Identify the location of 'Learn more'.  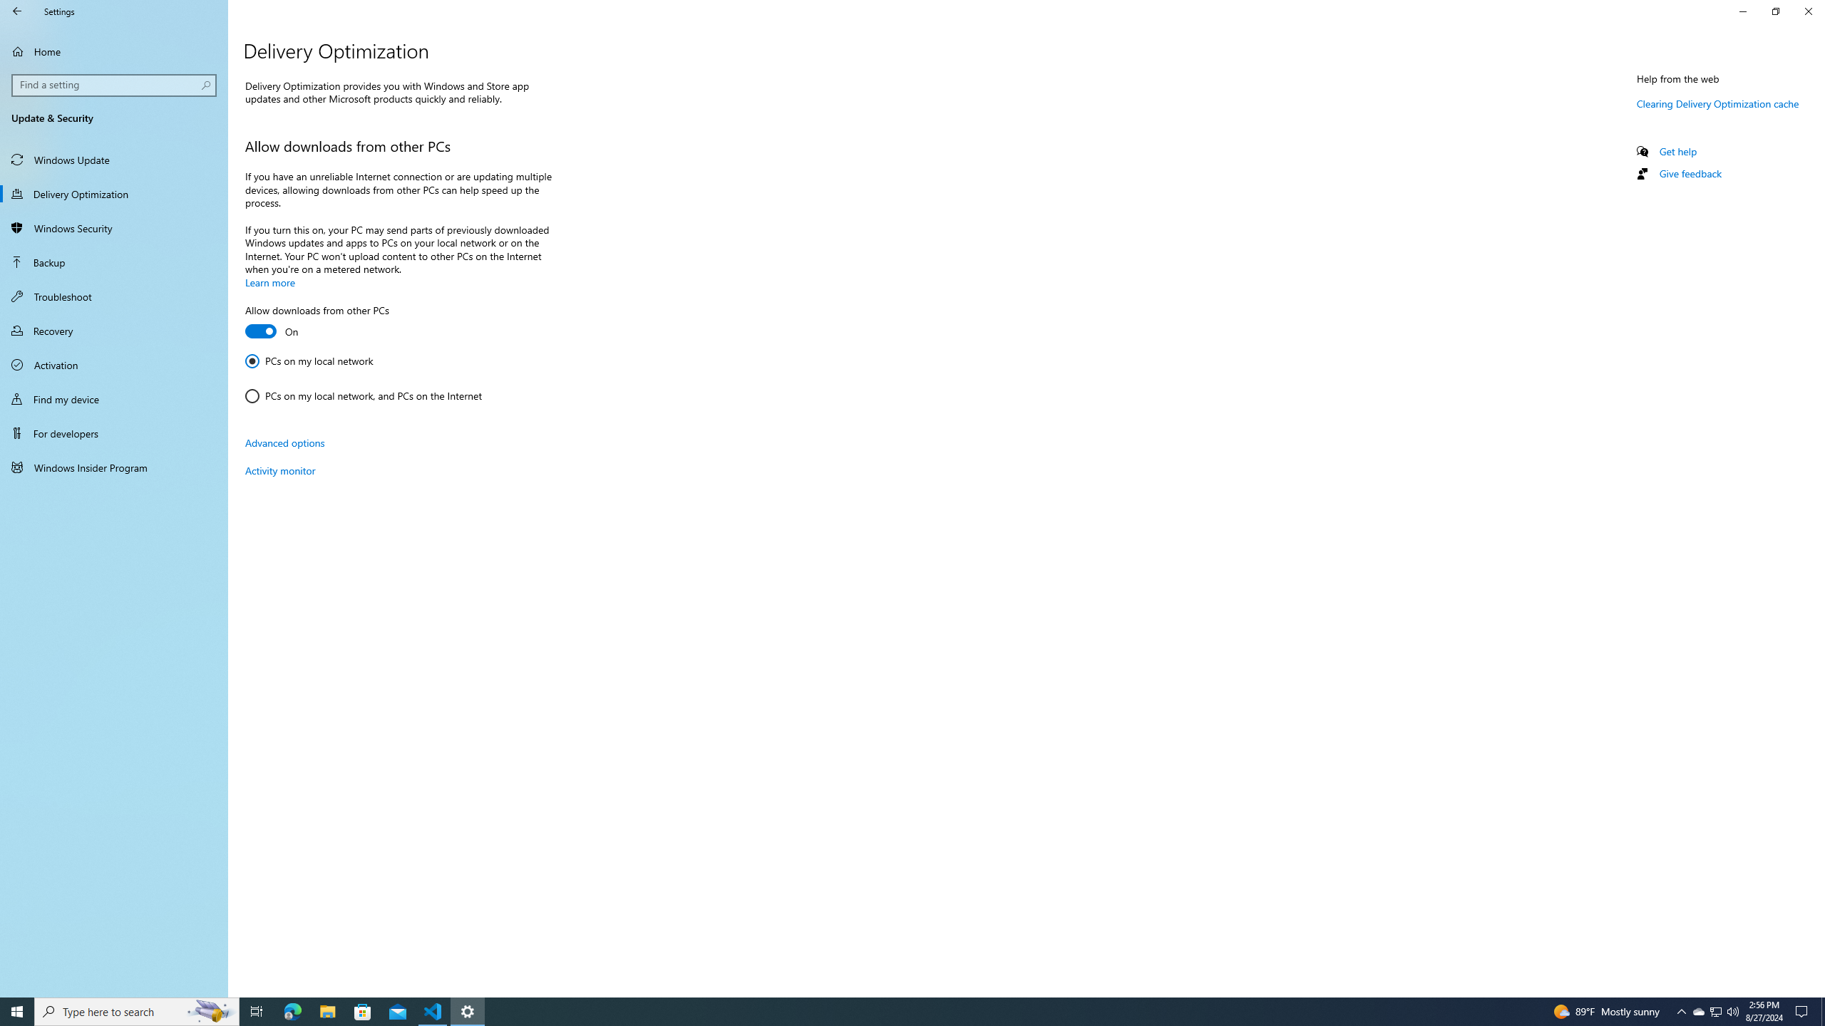
(269, 281).